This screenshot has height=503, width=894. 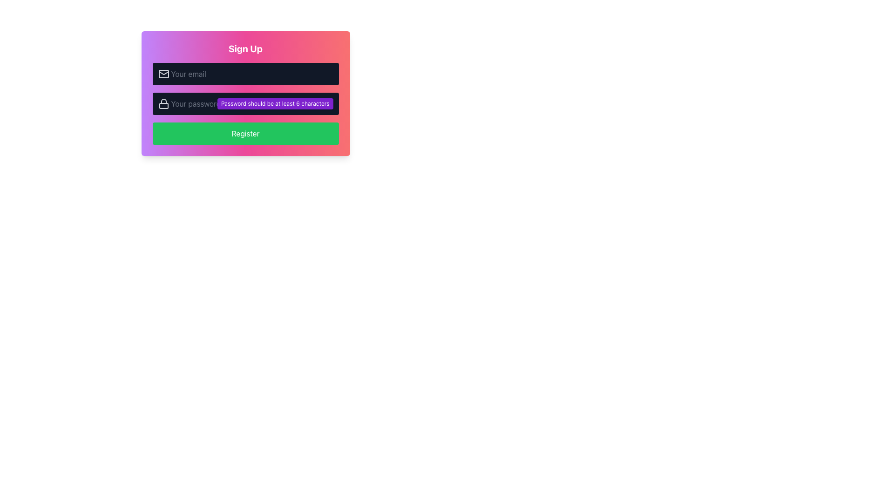 What do you see at coordinates (245, 93) in the screenshot?
I see `the validation tooltip of the Password input field` at bounding box center [245, 93].